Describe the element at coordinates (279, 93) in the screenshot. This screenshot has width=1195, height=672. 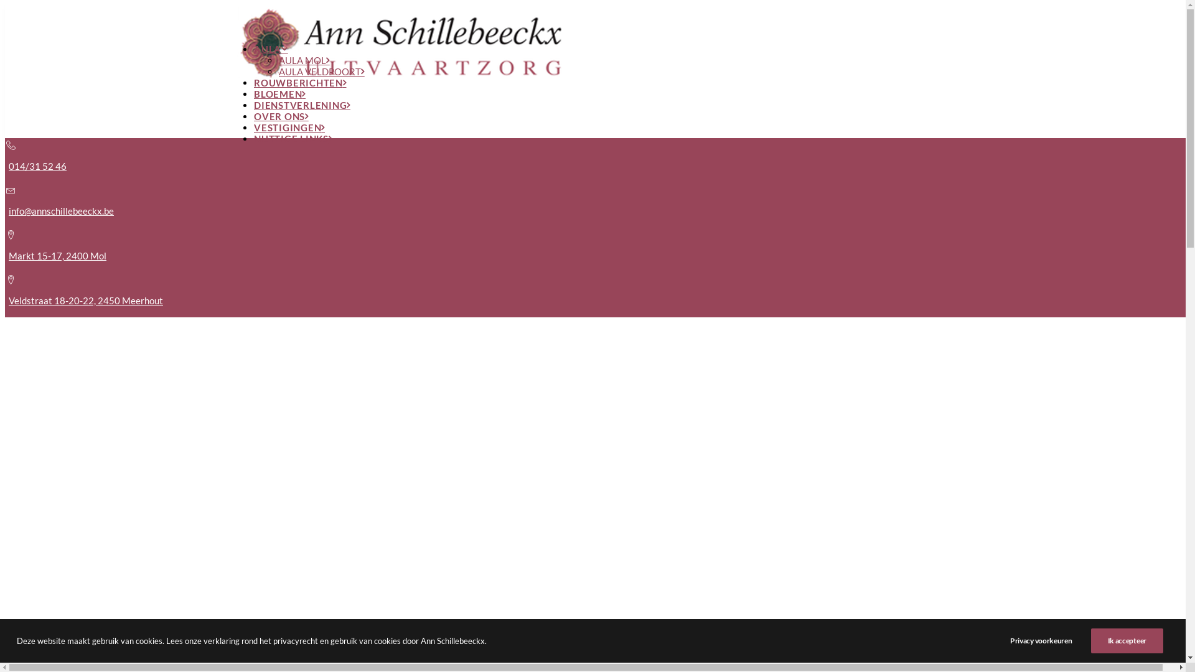
I see `'BLOEMEN'` at that location.